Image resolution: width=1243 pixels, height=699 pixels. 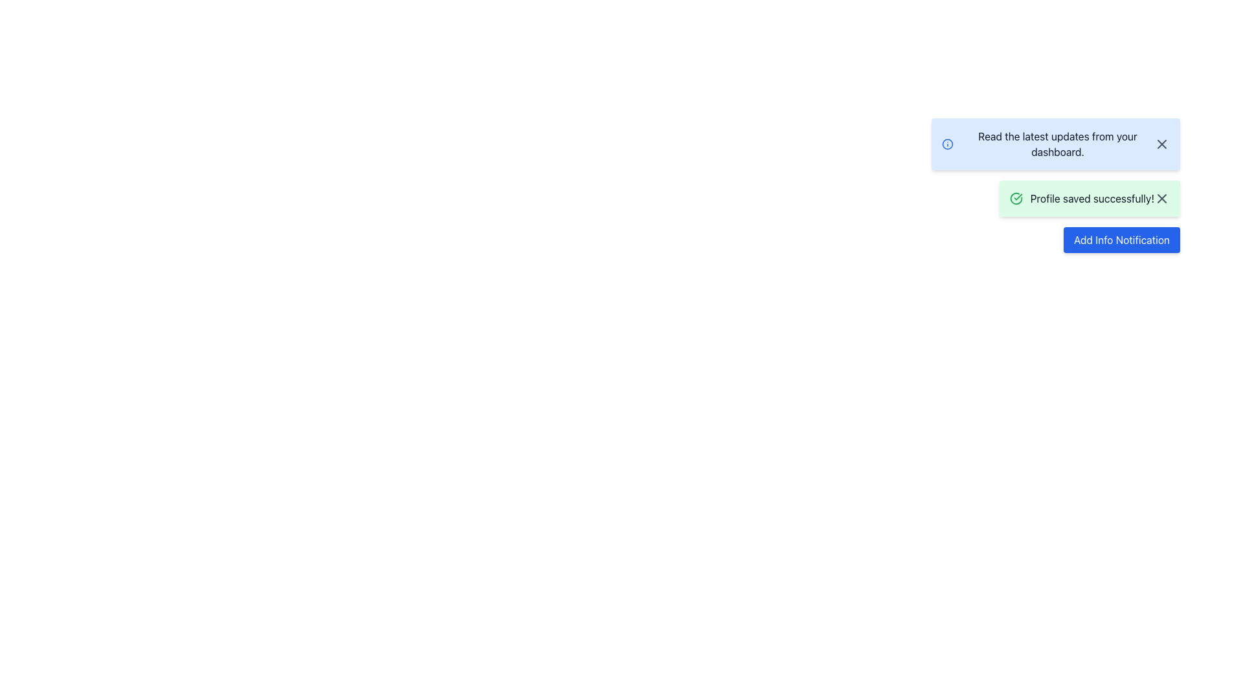 What do you see at coordinates (1162, 199) in the screenshot?
I see `the Close Button represented by a cross (×) symbol located in the upper-right corner of the green notification box that states 'Profile saved successfully!'` at bounding box center [1162, 199].